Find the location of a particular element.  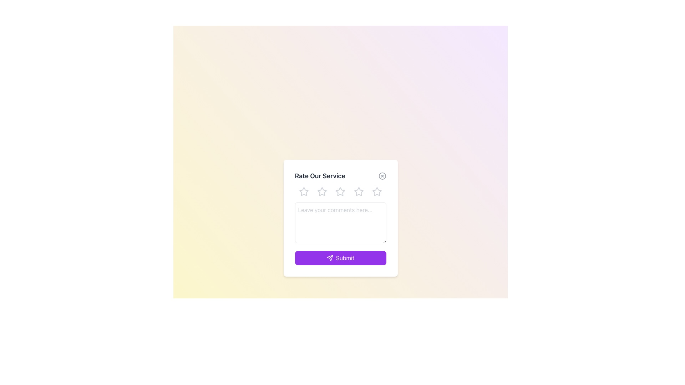

the 'Submit' button with a purple background and white text to observe style changes is located at coordinates (340, 258).